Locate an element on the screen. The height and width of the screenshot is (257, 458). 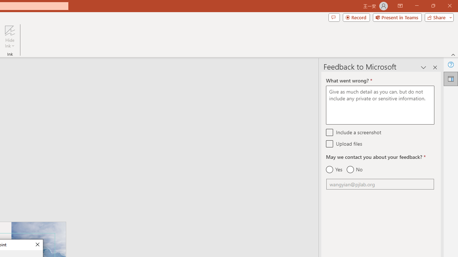
'No' is located at coordinates (354, 170).